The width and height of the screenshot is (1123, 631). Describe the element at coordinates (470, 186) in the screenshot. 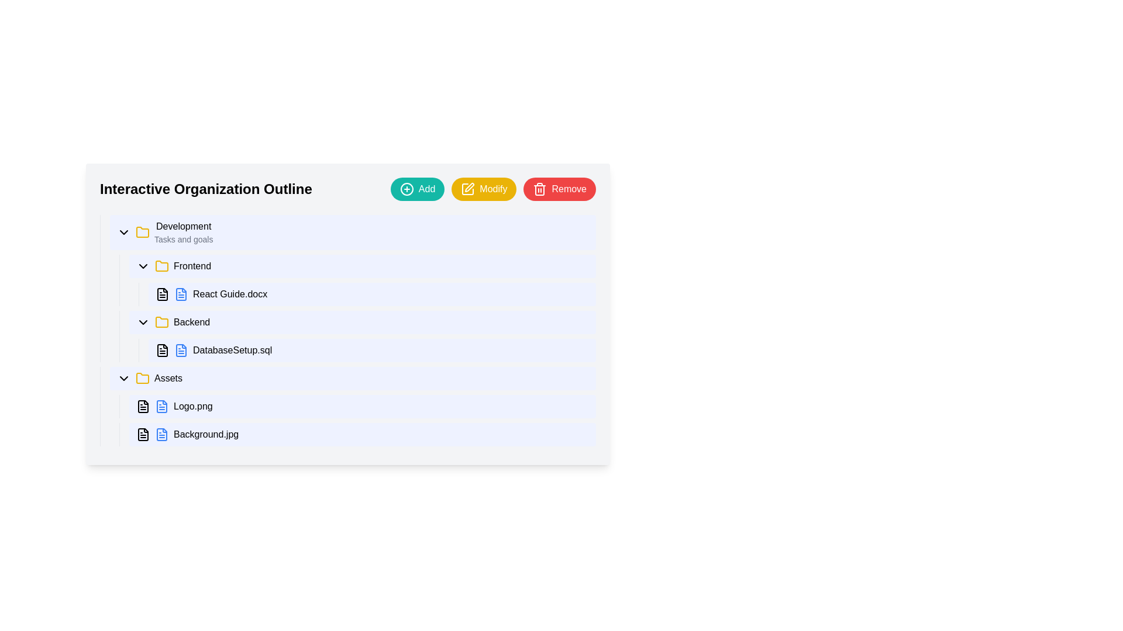

I see `the pen graphic icon located within the 'Modify' button in the top-right corner of the application's interface` at that location.